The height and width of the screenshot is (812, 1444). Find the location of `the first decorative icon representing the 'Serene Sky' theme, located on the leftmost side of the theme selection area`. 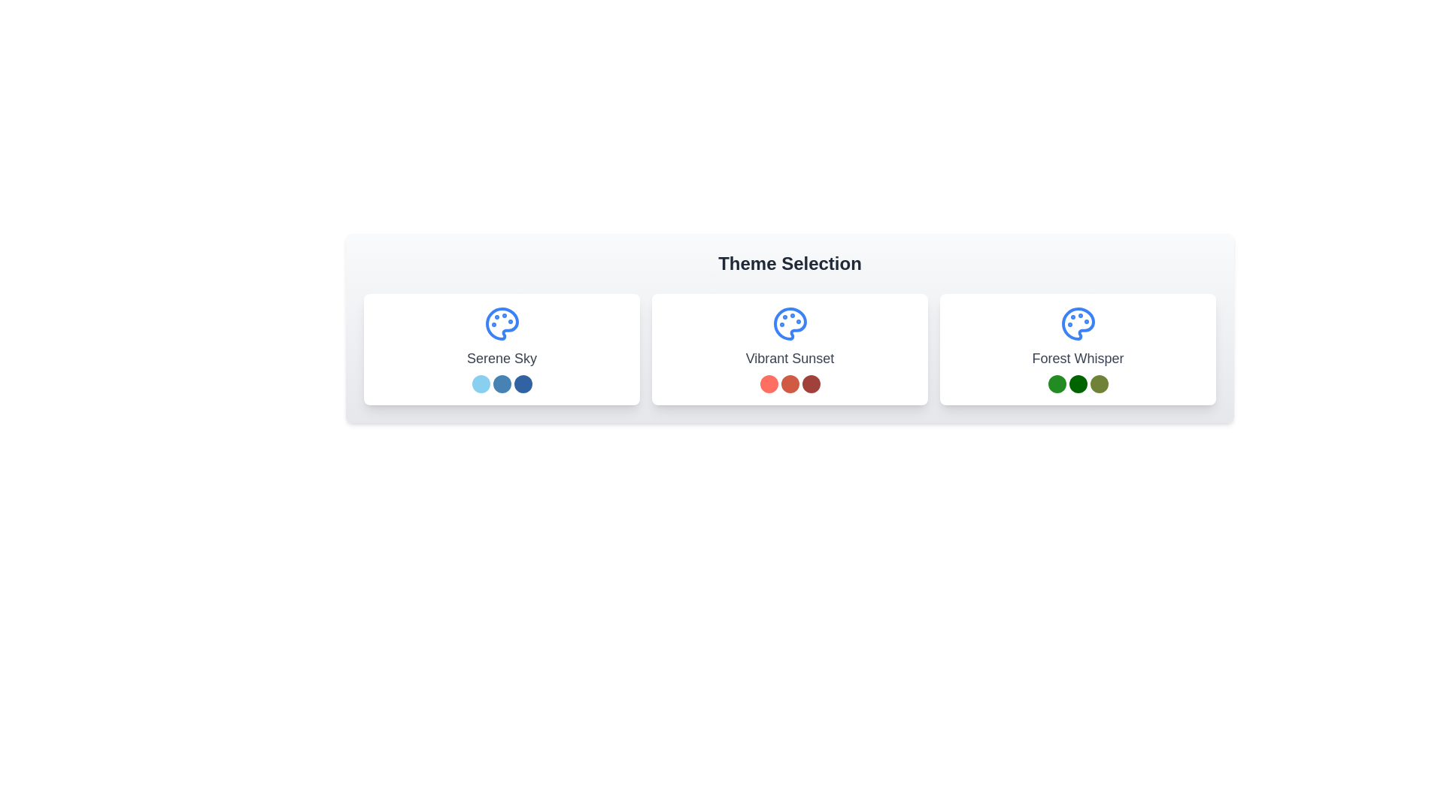

the first decorative icon representing the 'Serene Sky' theme, located on the leftmost side of the theme selection area is located at coordinates (502, 323).